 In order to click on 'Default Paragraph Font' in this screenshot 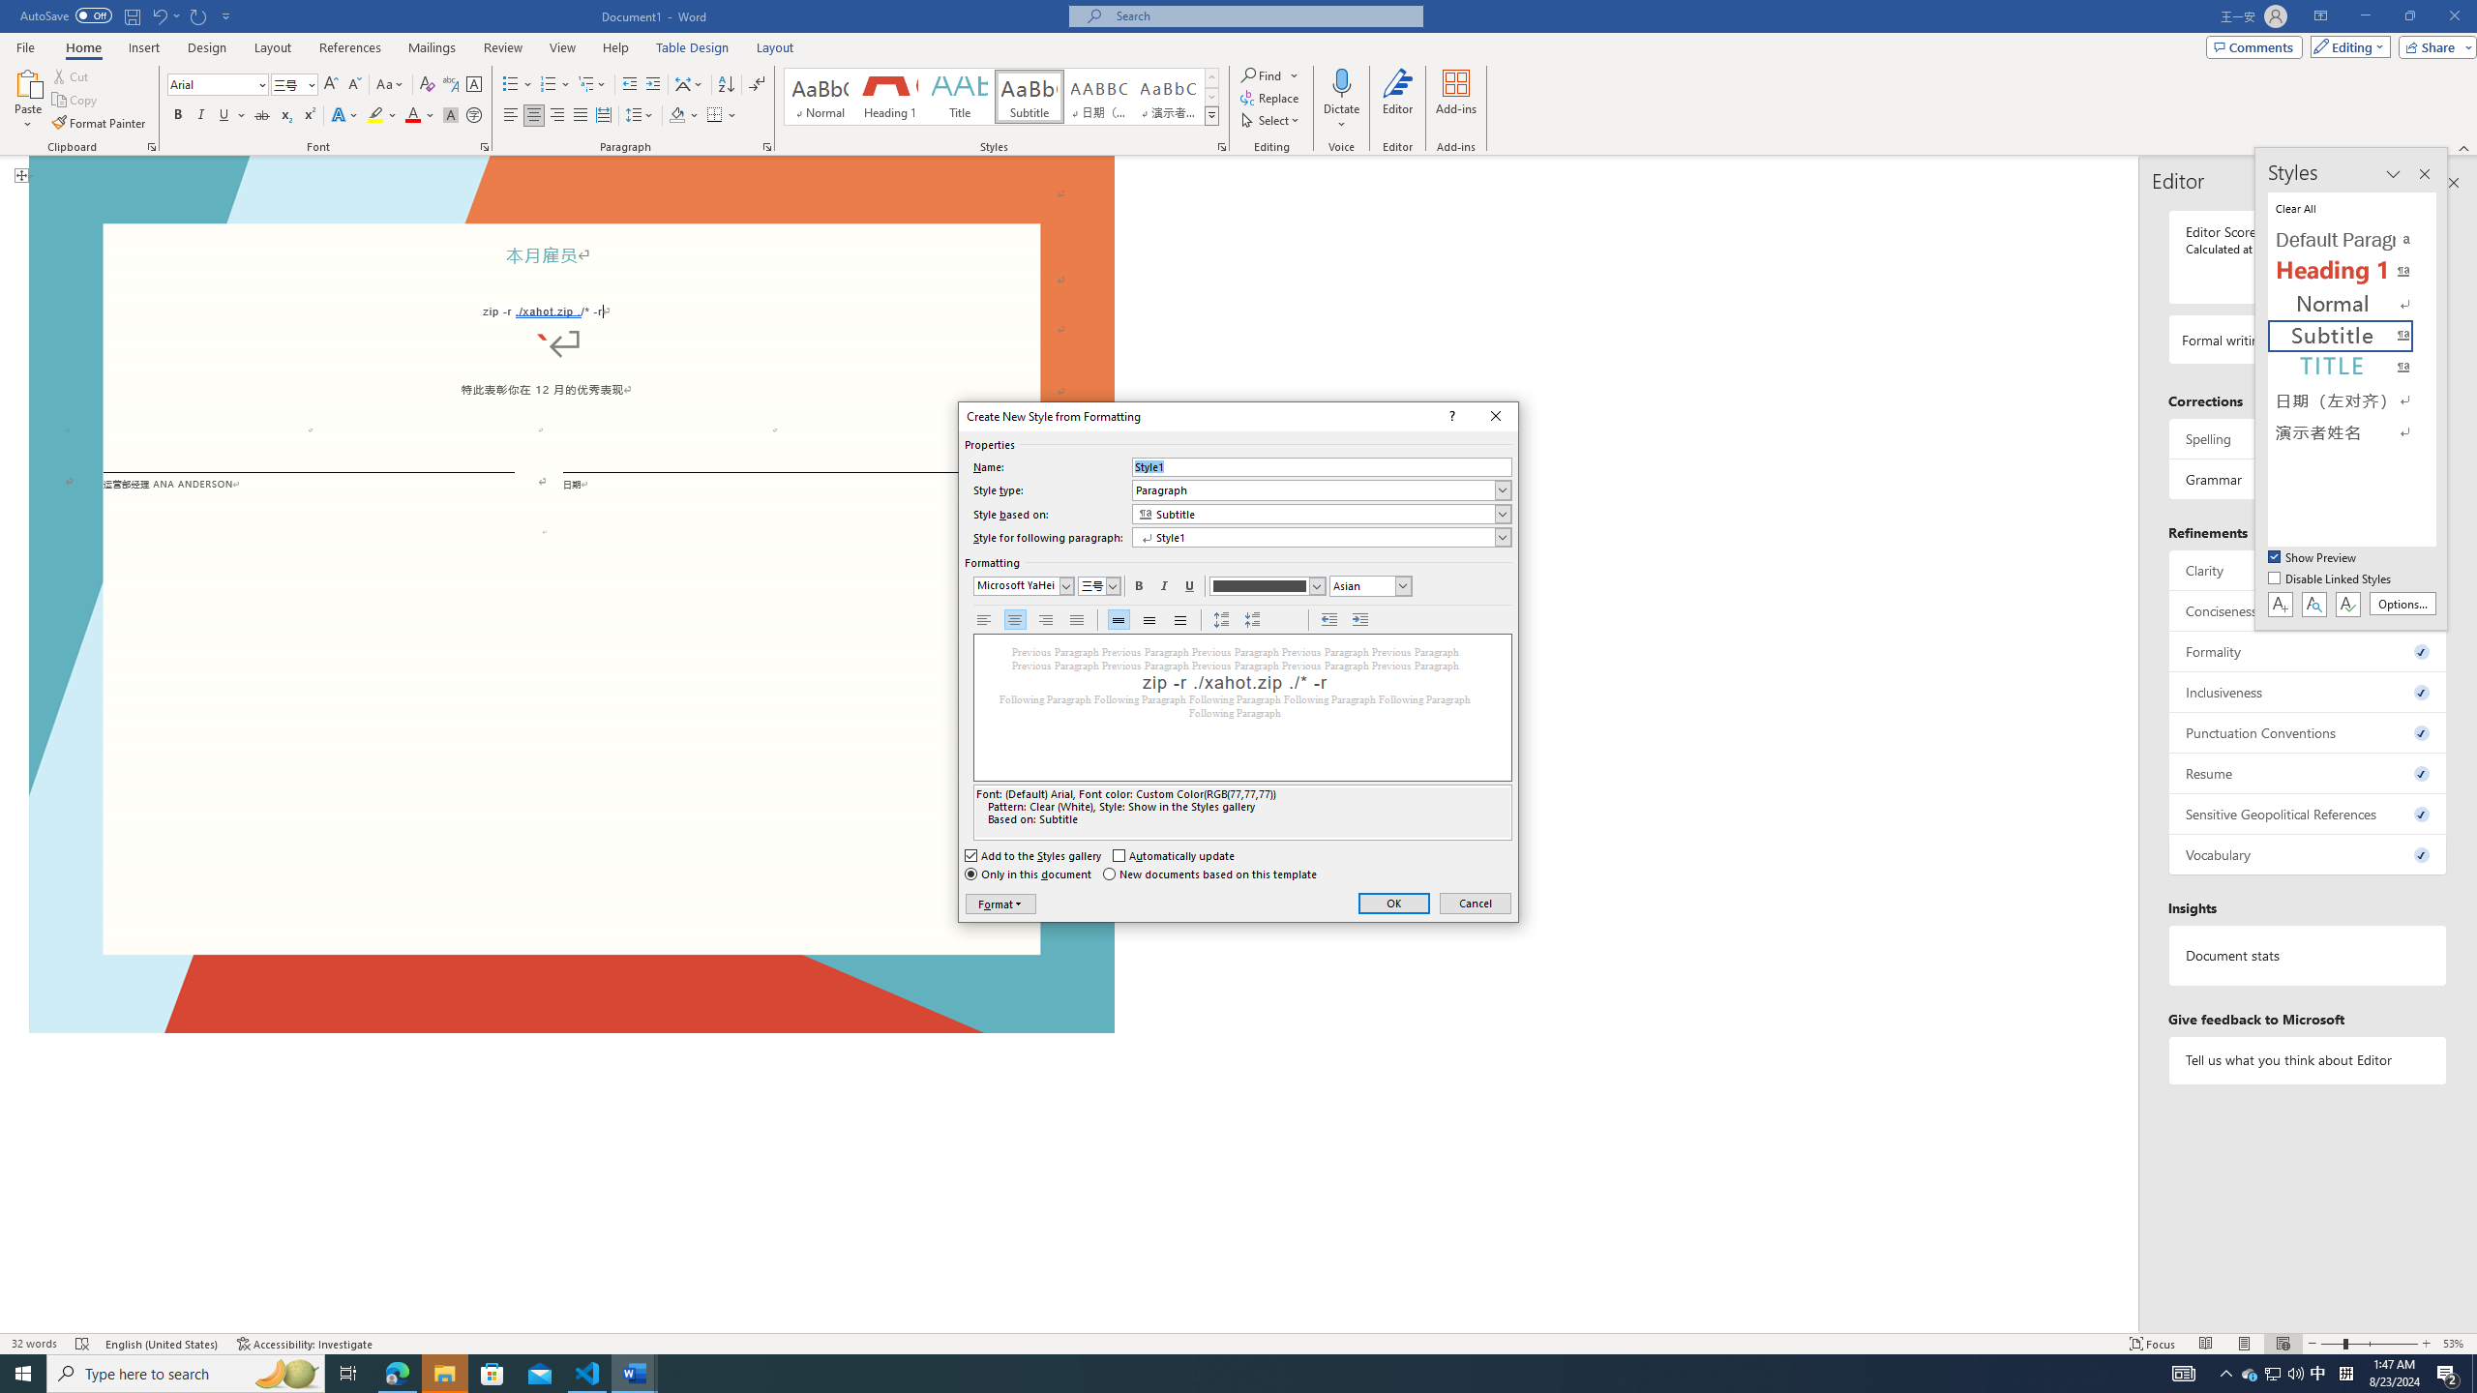, I will do `click(2352, 240)`.